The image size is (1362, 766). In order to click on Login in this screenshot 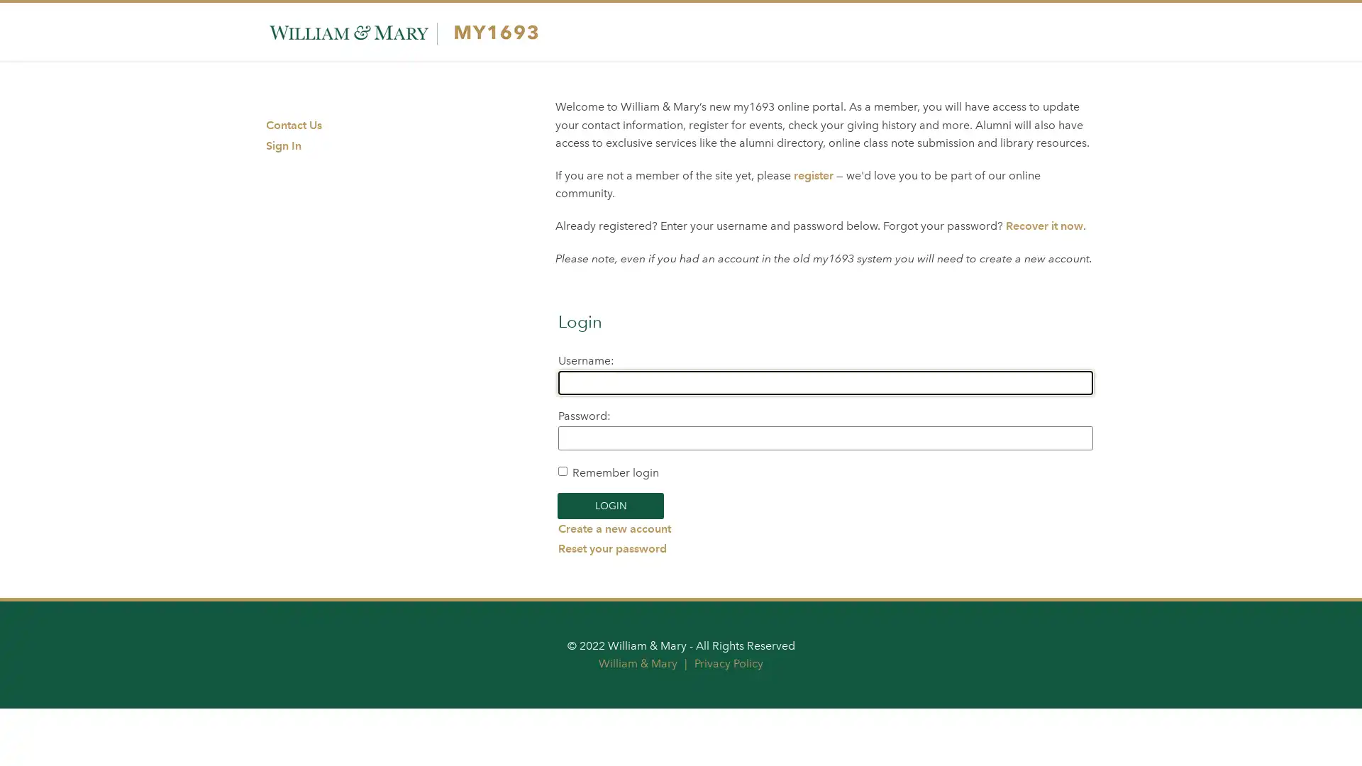, I will do `click(610, 505)`.